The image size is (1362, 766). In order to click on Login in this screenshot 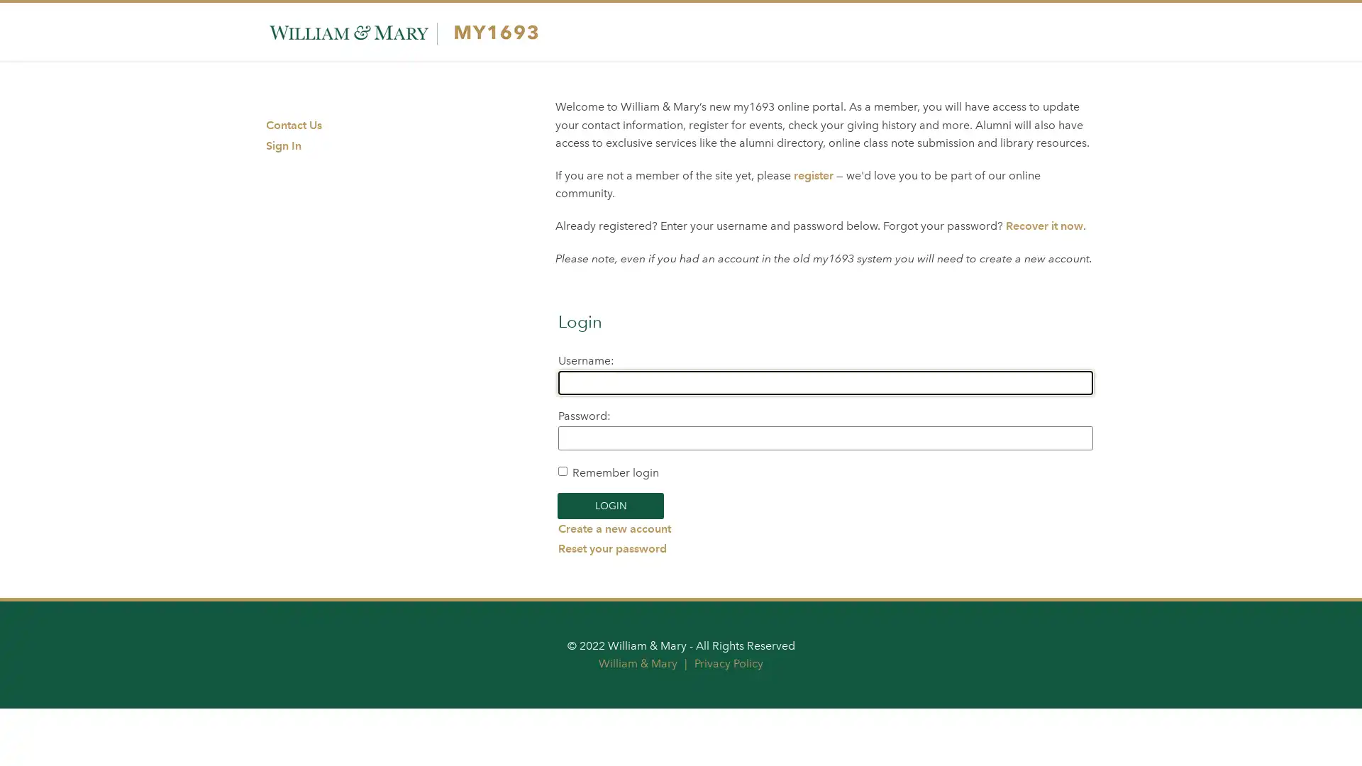, I will do `click(610, 505)`.